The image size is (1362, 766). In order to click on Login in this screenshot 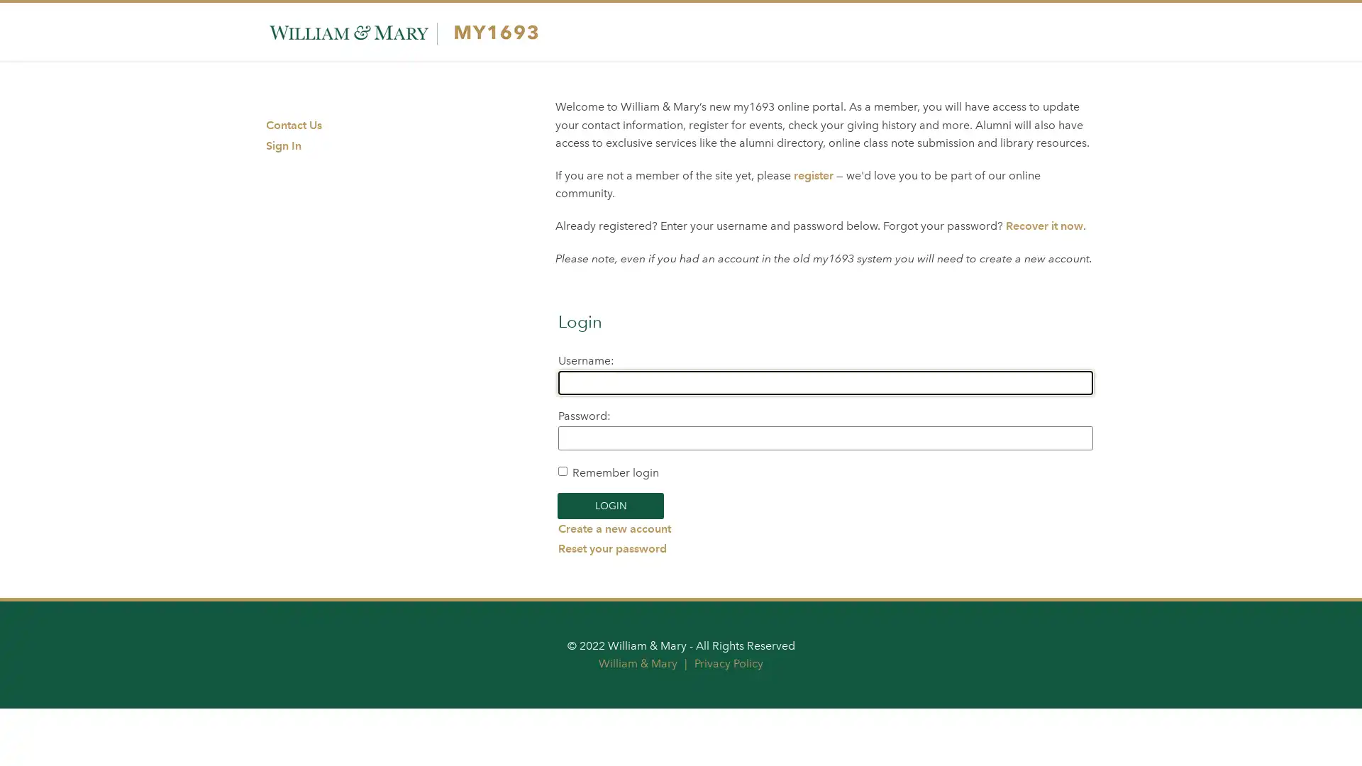, I will do `click(610, 505)`.